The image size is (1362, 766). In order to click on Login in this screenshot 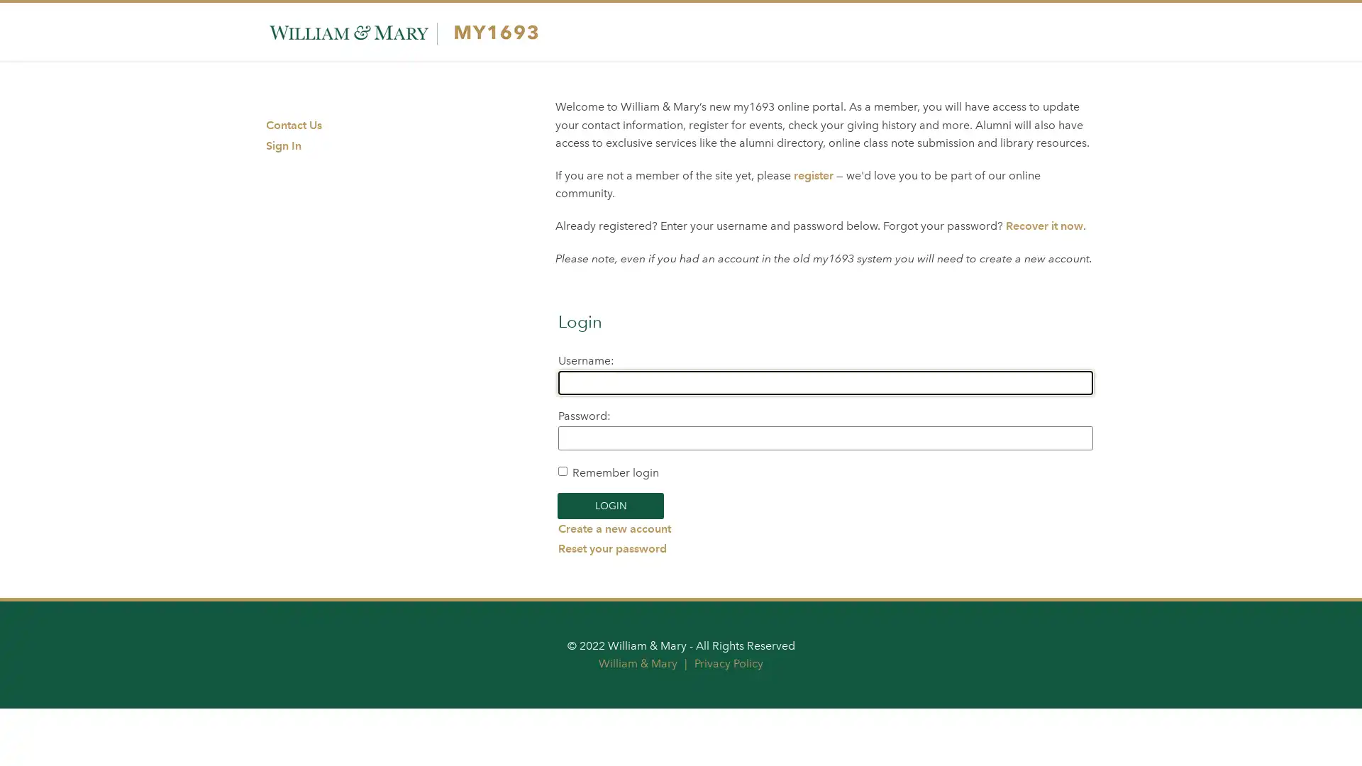, I will do `click(610, 505)`.